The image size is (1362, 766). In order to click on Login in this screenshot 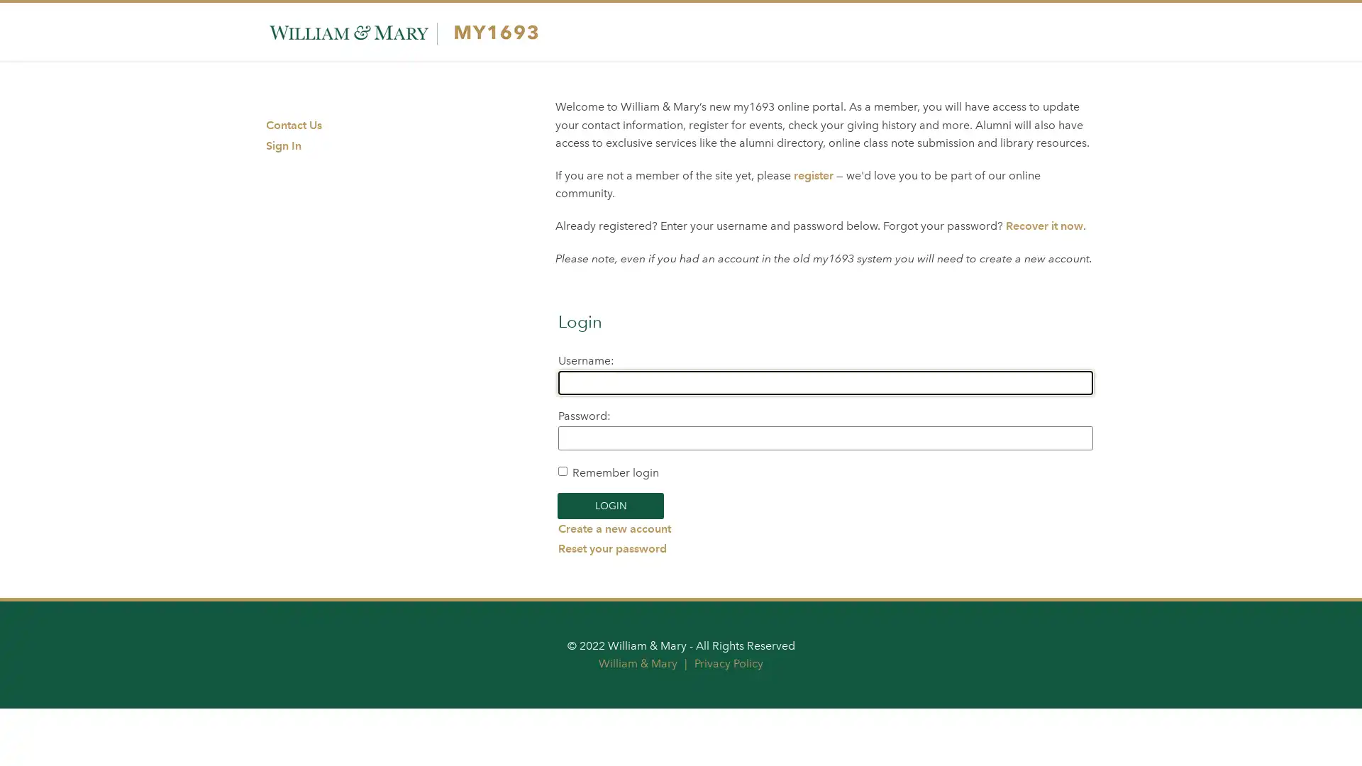, I will do `click(610, 505)`.